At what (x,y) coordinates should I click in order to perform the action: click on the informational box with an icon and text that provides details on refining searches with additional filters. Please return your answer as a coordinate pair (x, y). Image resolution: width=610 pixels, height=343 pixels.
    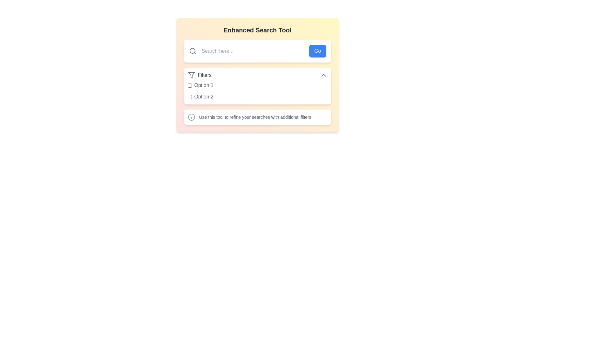
    Looking at the image, I should click on (257, 117).